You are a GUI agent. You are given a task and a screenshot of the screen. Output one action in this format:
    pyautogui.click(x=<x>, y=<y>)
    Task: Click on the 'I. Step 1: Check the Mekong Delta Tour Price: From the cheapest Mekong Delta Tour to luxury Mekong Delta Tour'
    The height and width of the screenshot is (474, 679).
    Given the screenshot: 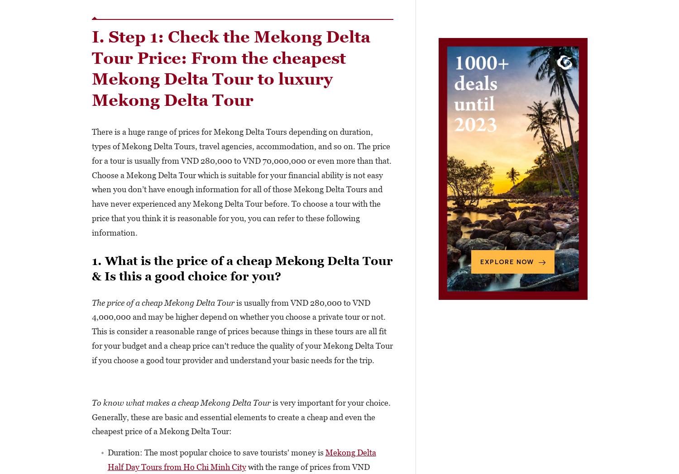 What is the action you would take?
    pyautogui.click(x=230, y=68)
    